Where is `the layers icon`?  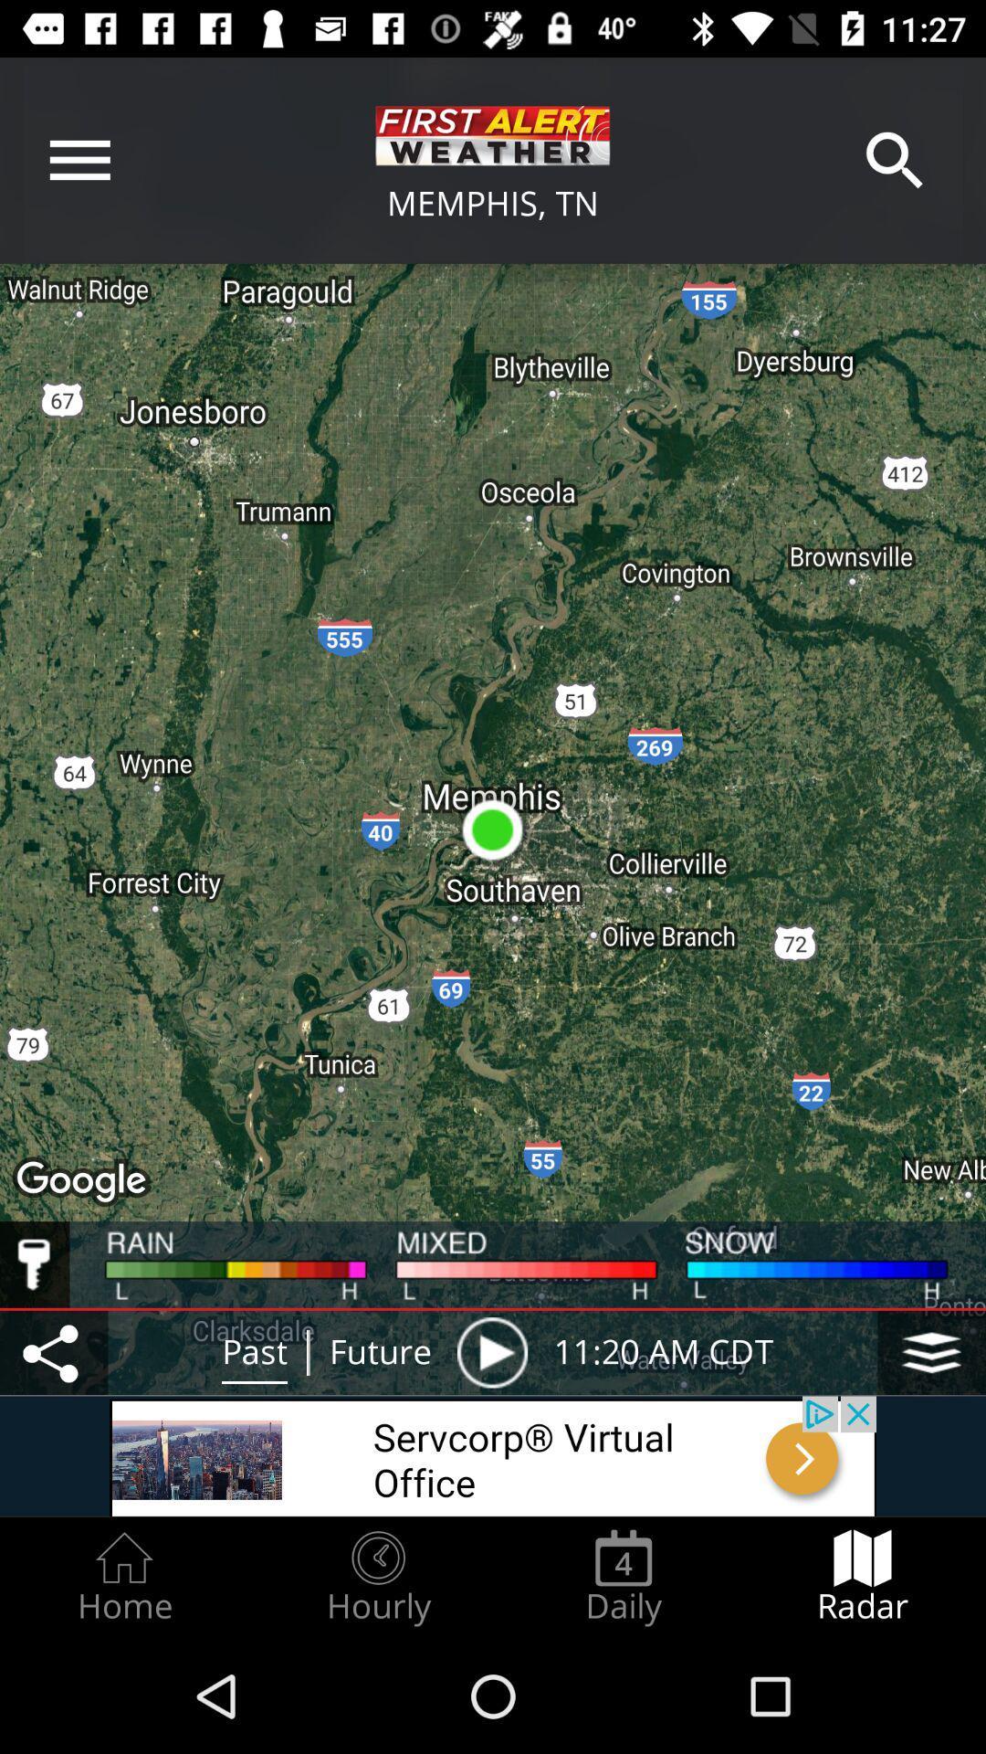
the layers icon is located at coordinates (931, 1352).